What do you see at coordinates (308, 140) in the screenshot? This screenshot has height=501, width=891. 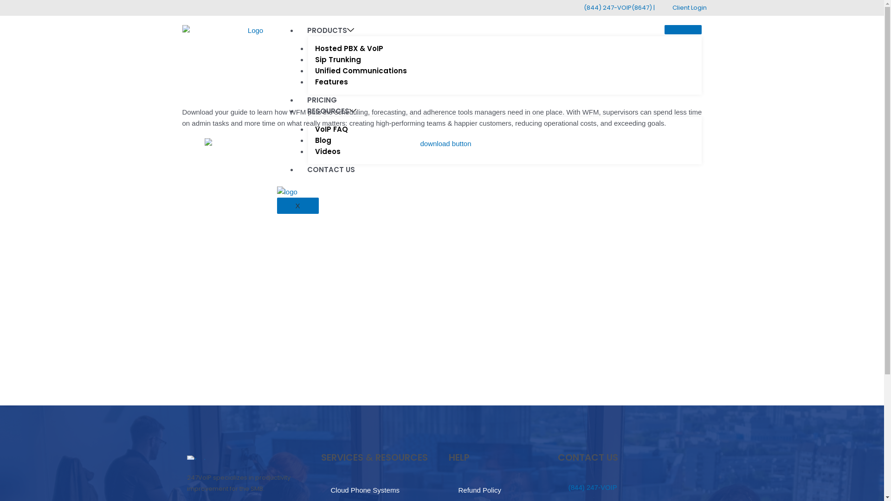 I see `'Blog'` at bounding box center [308, 140].